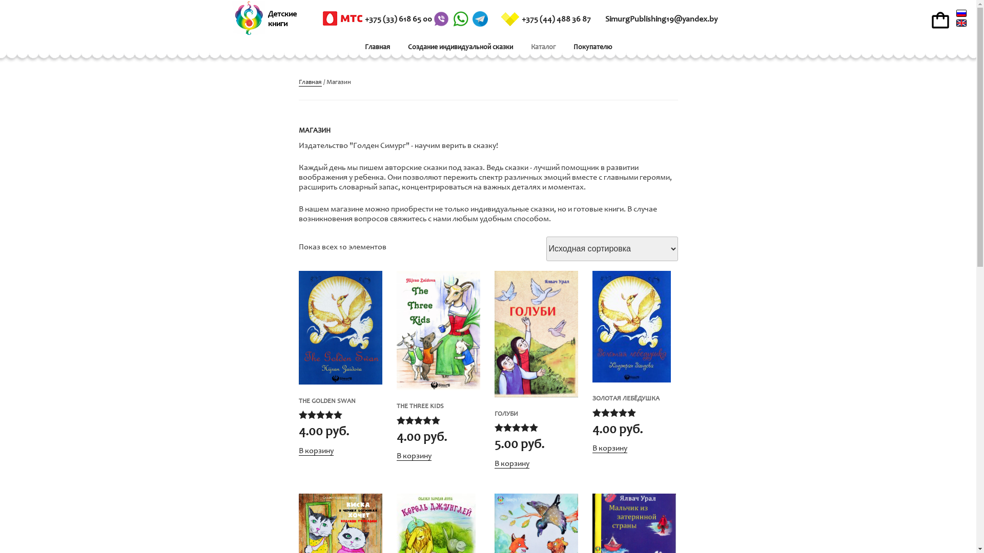 The image size is (984, 553). Describe the element at coordinates (377, 19) in the screenshot. I see `'+375 (33) 618 65 00'` at that location.